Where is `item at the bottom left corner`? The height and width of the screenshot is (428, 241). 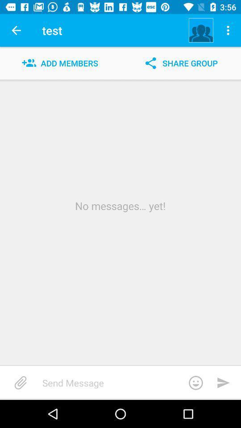
item at the bottom left corner is located at coordinates (21, 382).